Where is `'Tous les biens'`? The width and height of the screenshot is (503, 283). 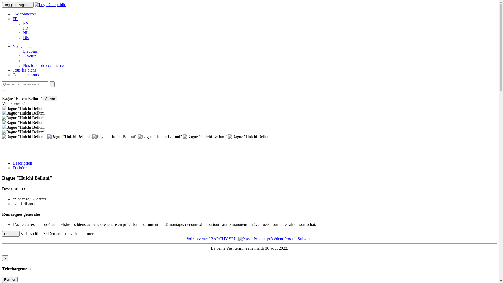 'Tous les biens' is located at coordinates (24, 70).